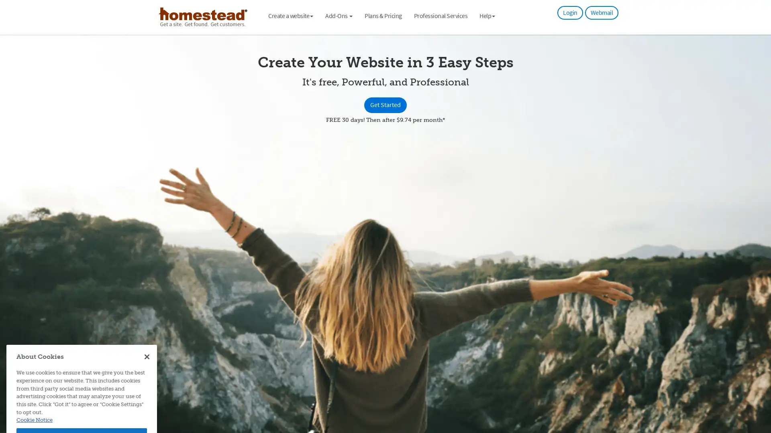 This screenshot has height=433, width=771. I want to click on Got It, so click(82, 386).